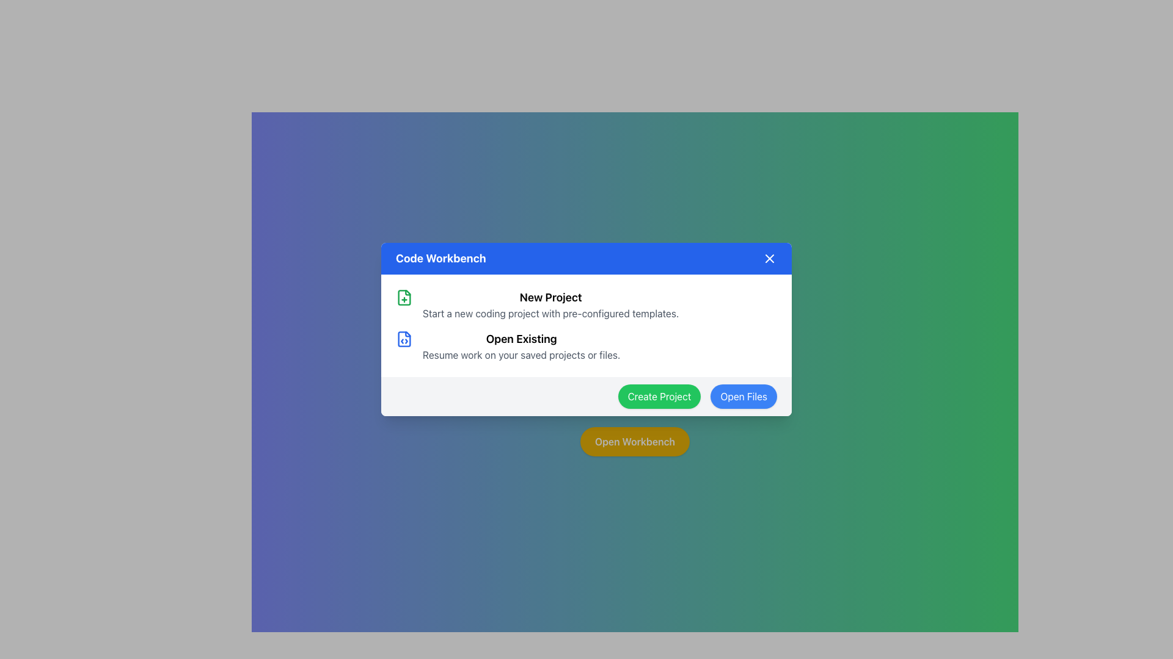 The width and height of the screenshot is (1173, 659). What do you see at coordinates (586, 346) in the screenshot?
I see `the clickable item labeled 'Open Existing' with an icon and text description` at bounding box center [586, 346].